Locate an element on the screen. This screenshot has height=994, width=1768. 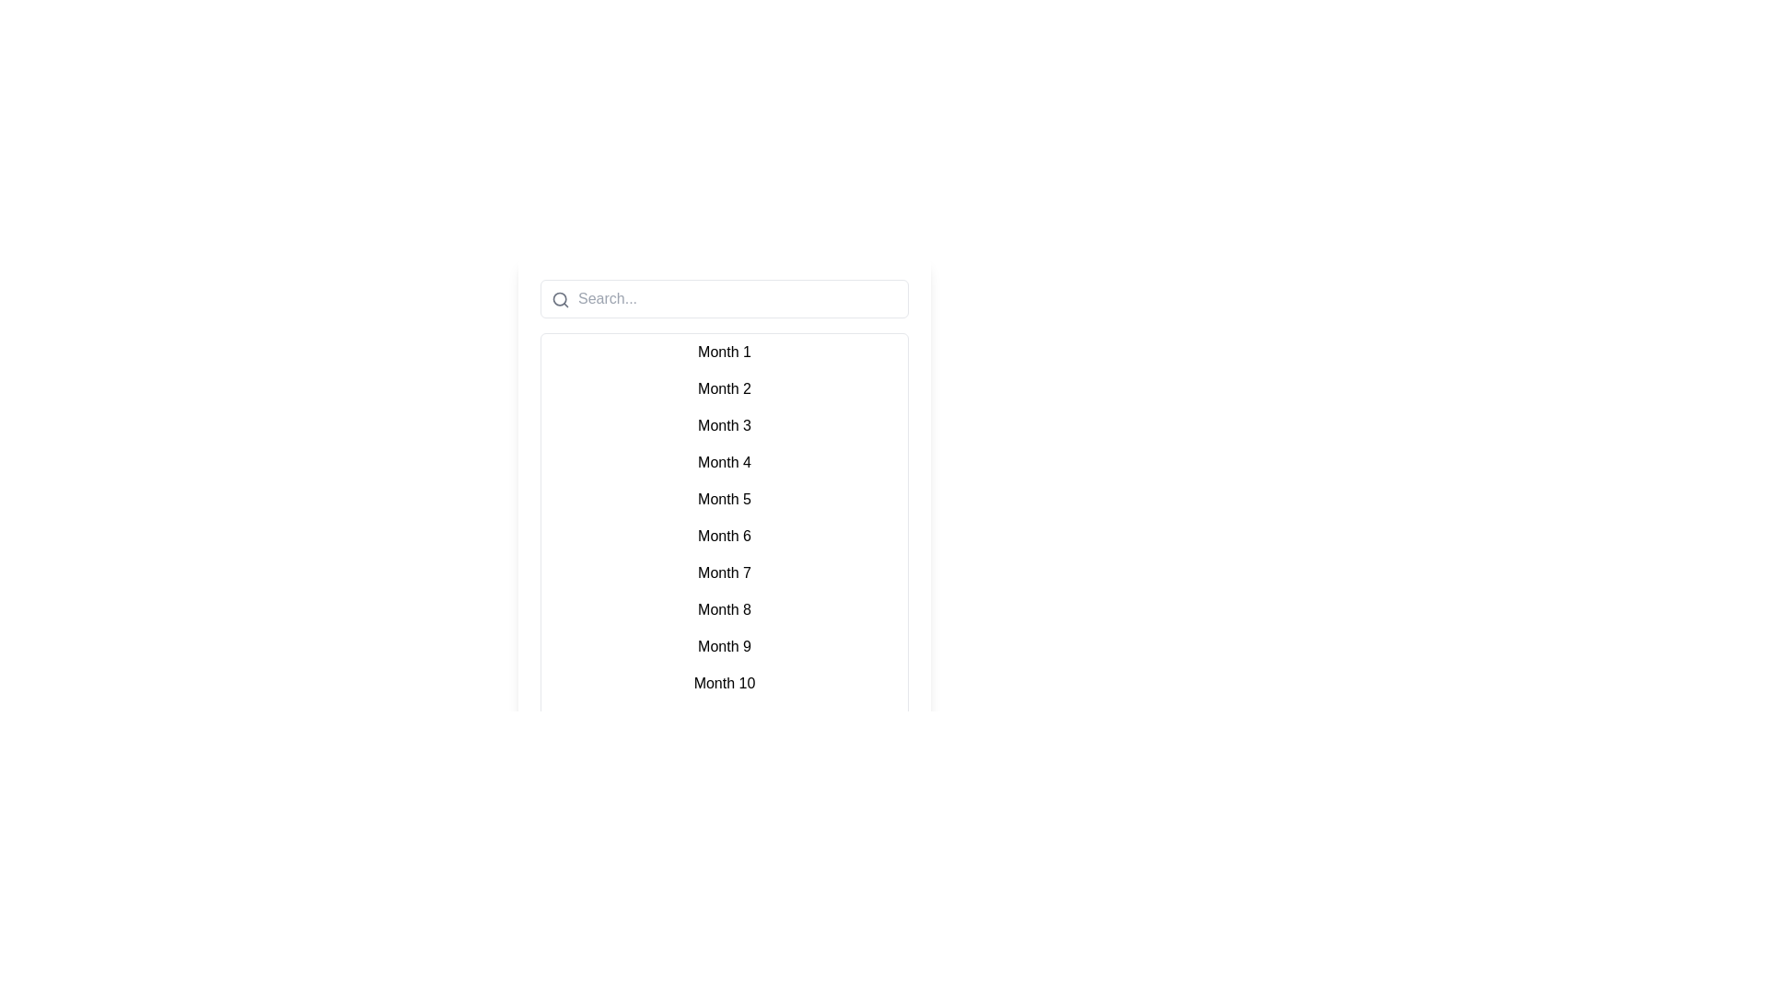
the text label for 'Month 7', which is the seventh item in a centrally located list of twelve items is located at coordinates (724, 572).